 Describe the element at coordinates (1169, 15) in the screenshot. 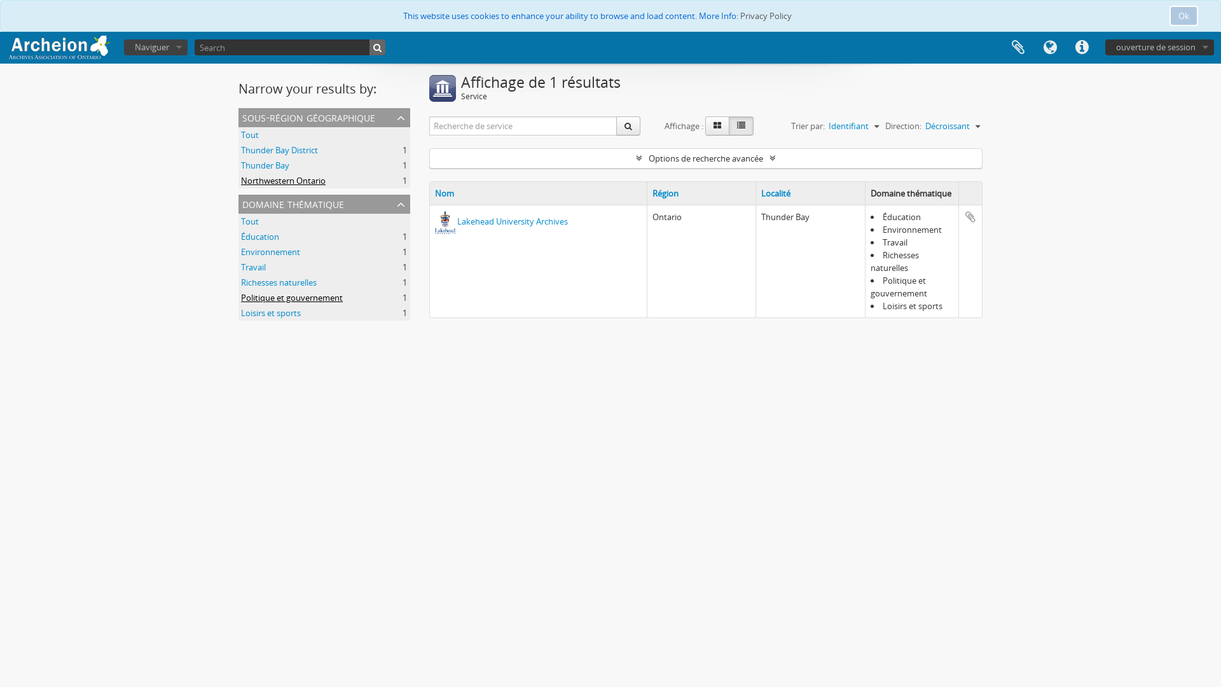

I see `'Ok'` at that location.